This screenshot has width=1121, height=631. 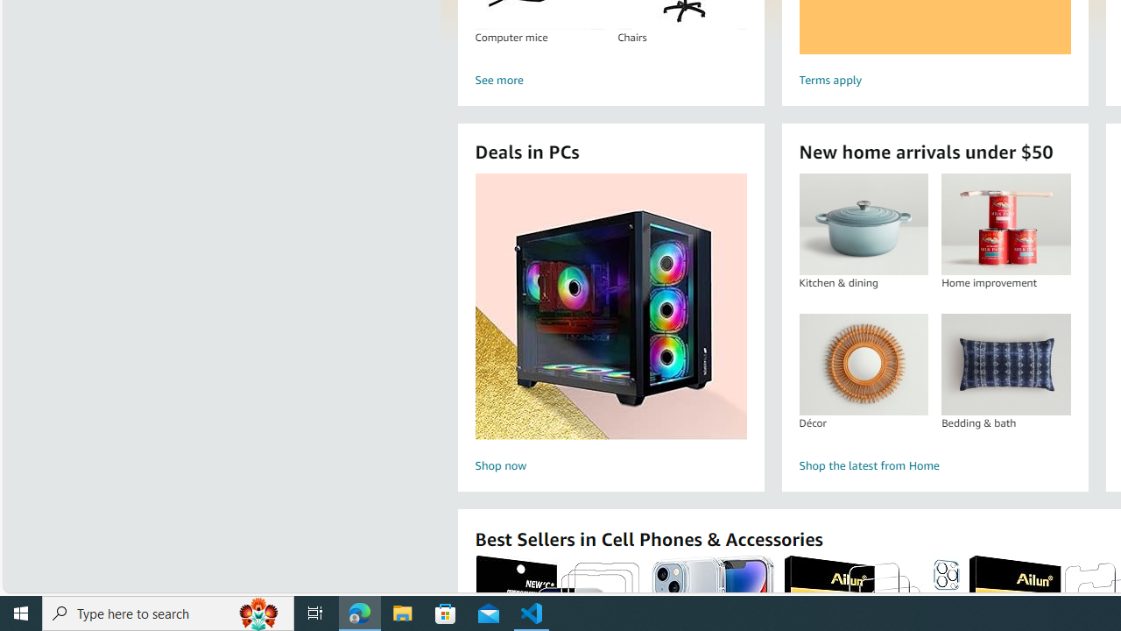 What do you see at coordinates (863, 223) in the screenshot?
I see `'Kitchen & dining'` at bounding box center [863, 223].